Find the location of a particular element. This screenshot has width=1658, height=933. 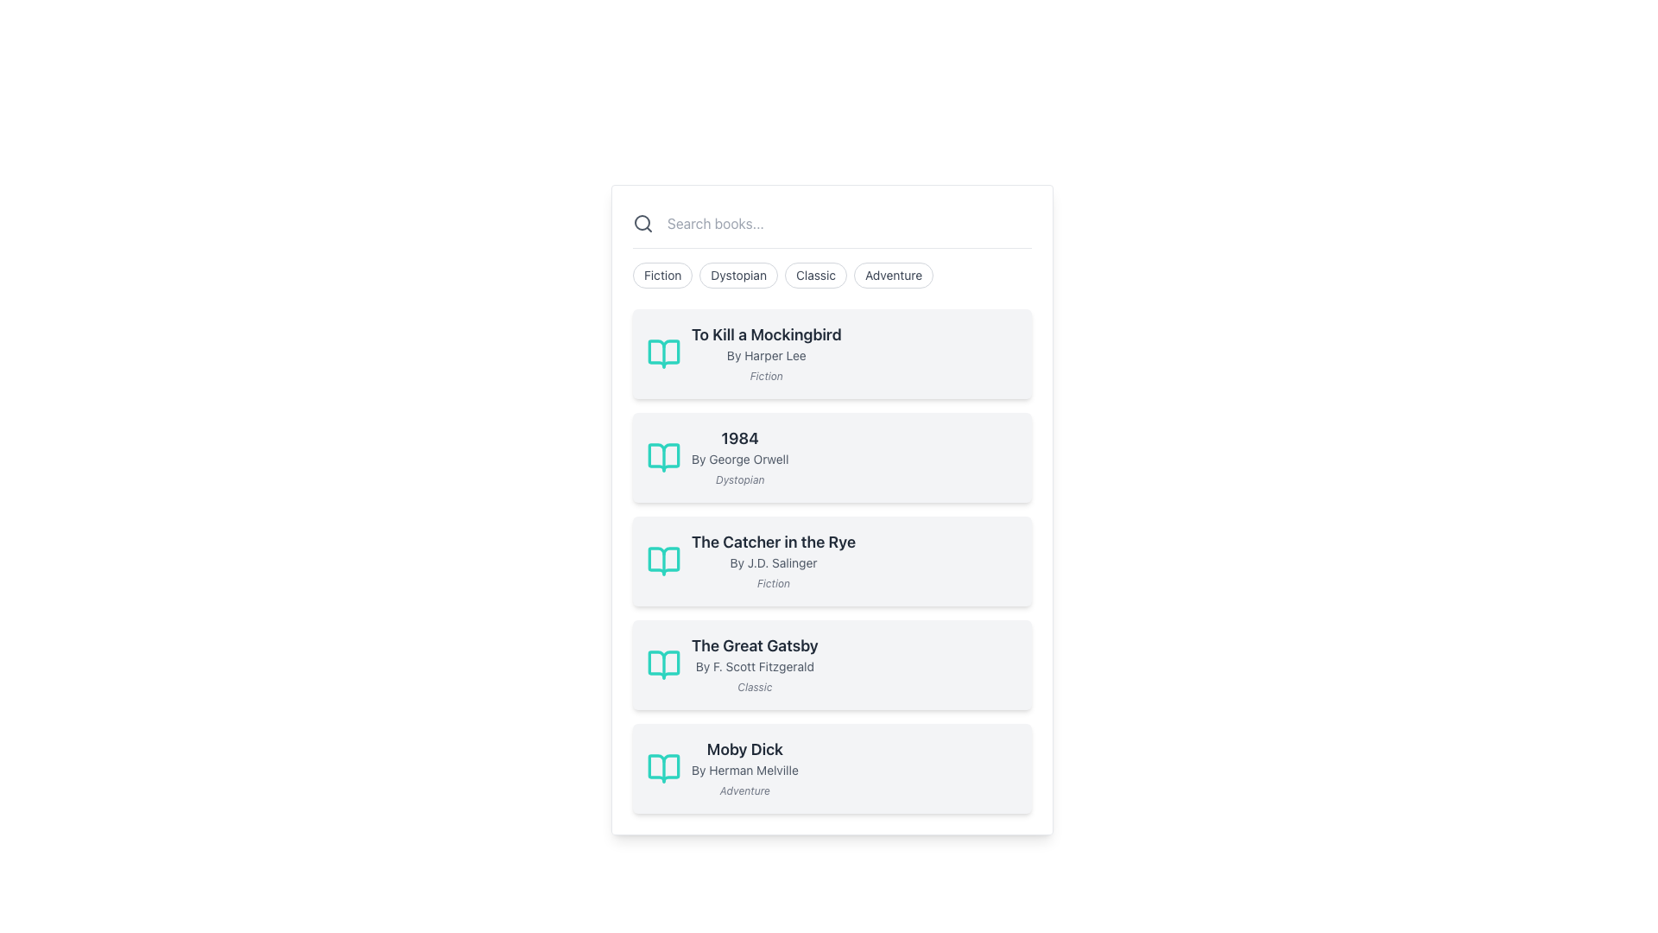

the text label that reads 'By J.D. Salinger', which is styled in a light gray sans-serif font and is positioned between the book title and genre label is located at coordinates (773, 562).